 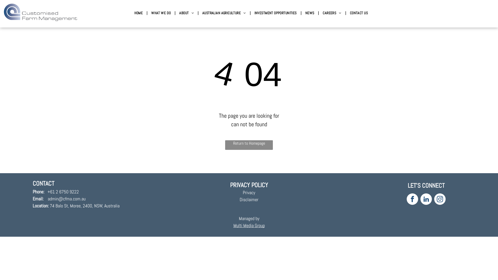 I want to click on 'Multi Media Group', so click(x=249, y=225).